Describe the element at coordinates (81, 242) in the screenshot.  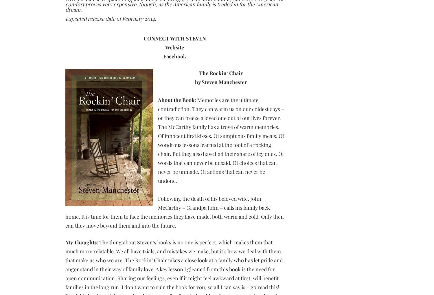
I see `'My Thoughts:'` at that location.